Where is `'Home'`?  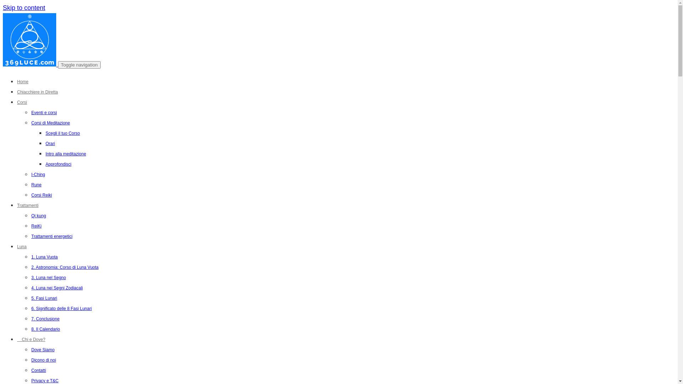 'Home' is located at coordinates (17, 81).